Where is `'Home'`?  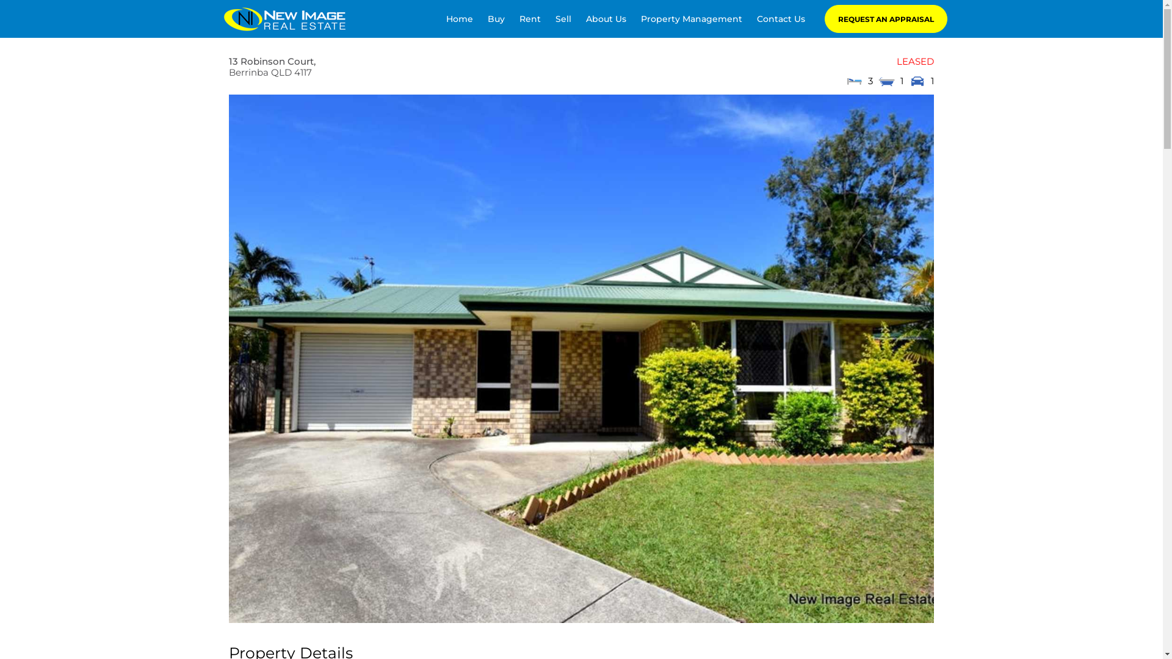 'Home' is located at coordinates (459, 18).